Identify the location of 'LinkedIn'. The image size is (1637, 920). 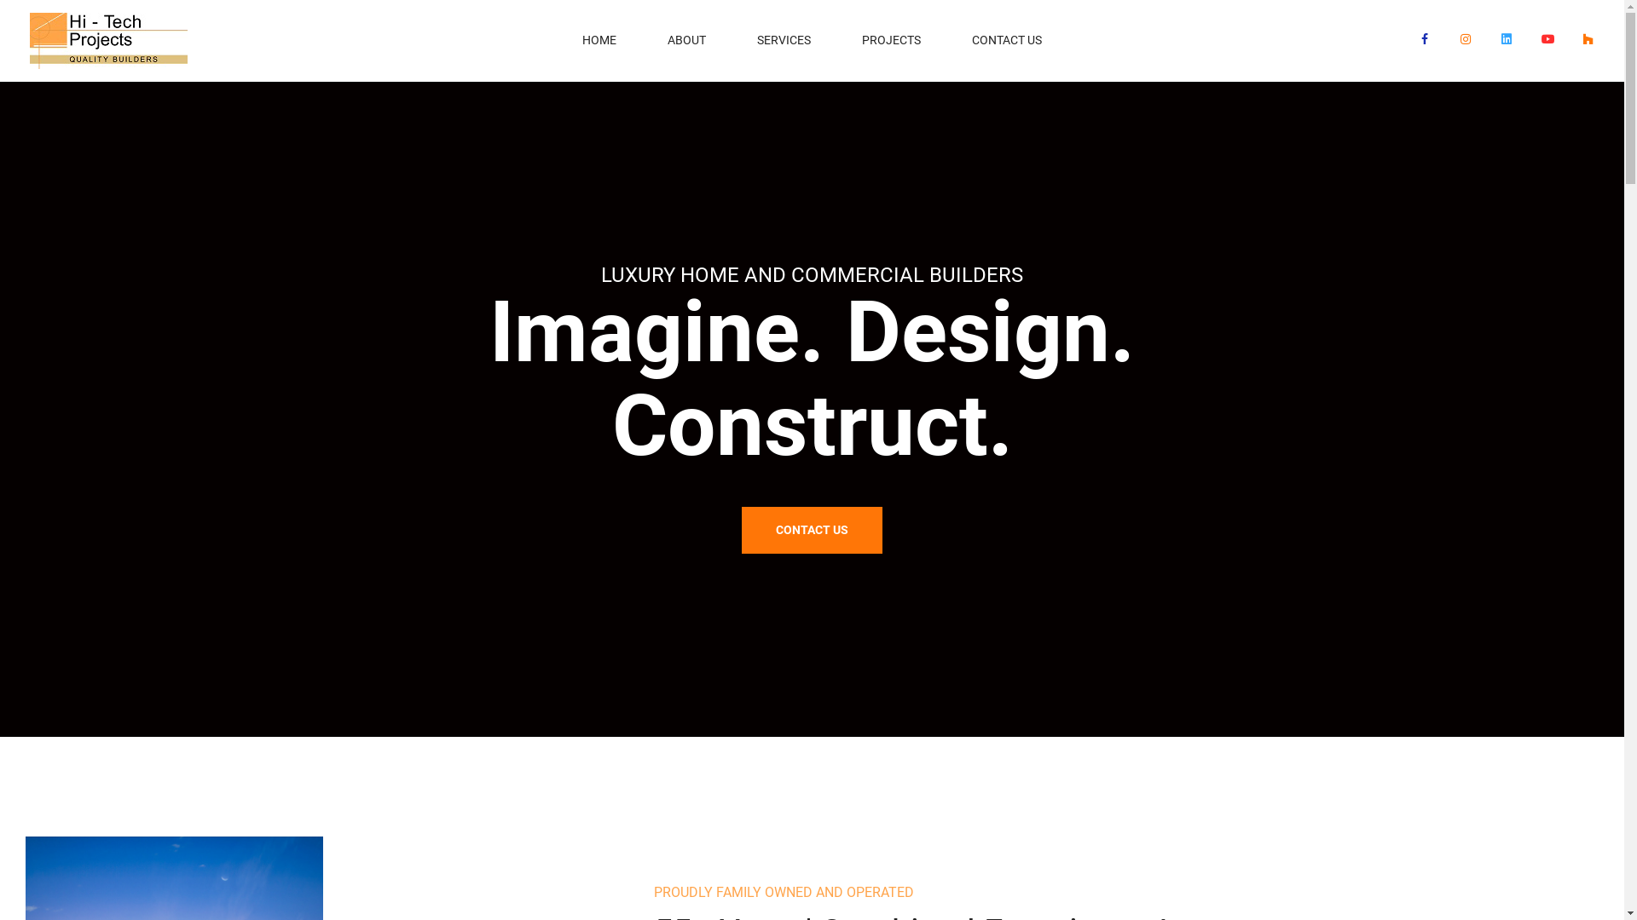
(1506, 38).